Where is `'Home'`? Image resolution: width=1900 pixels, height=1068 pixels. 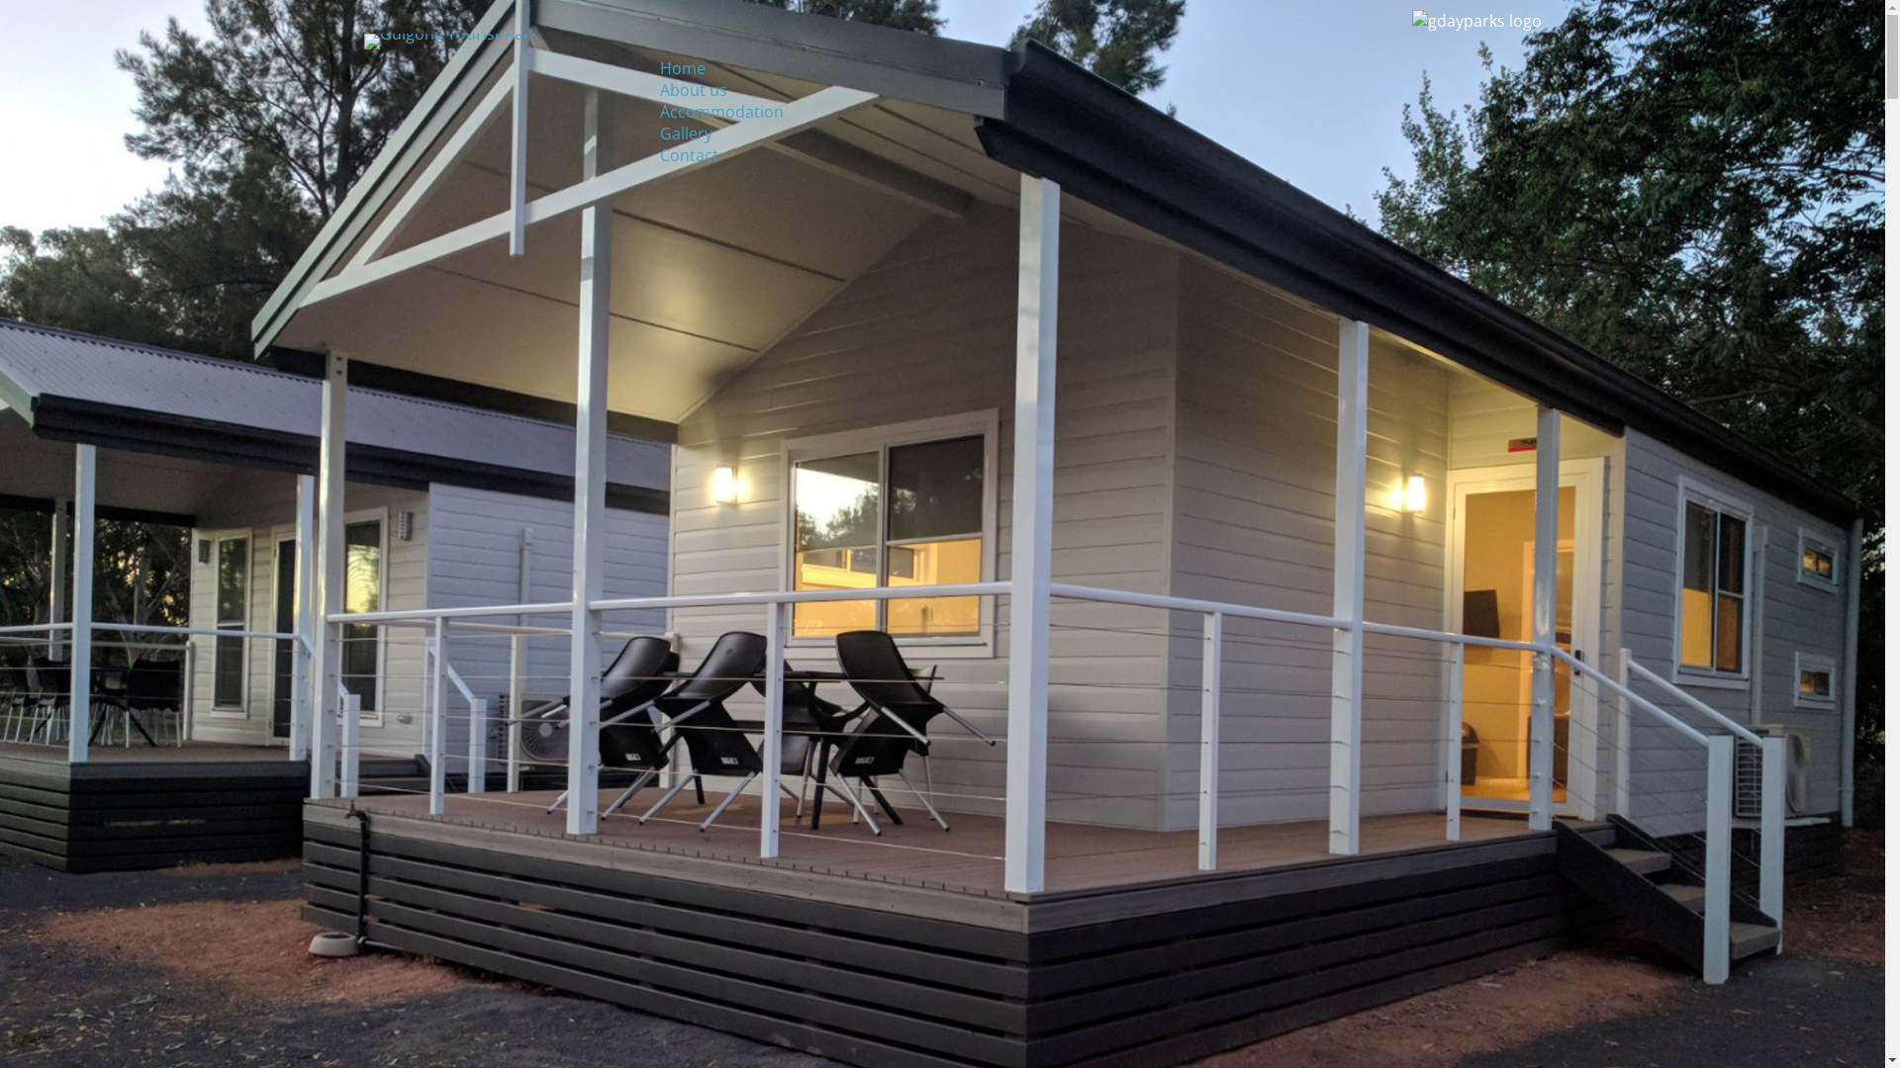 'Home' is located at coordinates (683, 67).